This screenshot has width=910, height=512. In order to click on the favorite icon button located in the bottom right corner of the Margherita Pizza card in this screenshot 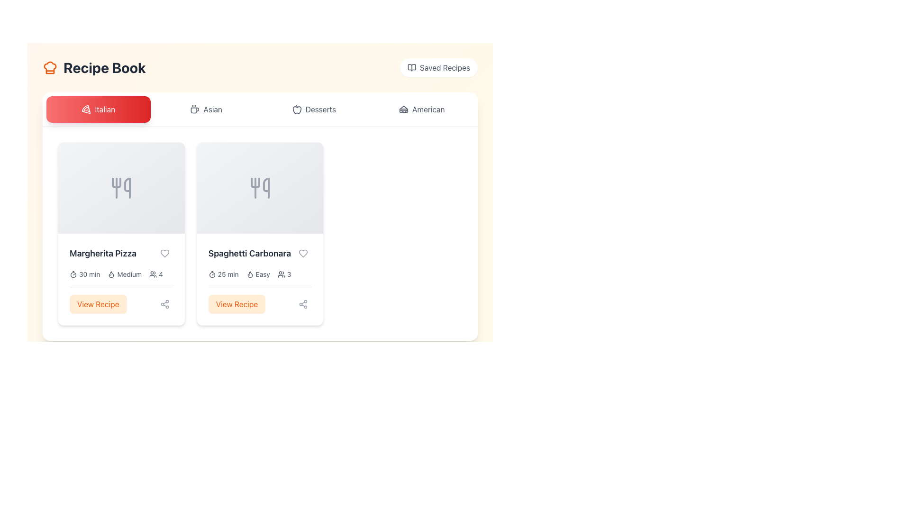, I will do `click(164, 253)`.